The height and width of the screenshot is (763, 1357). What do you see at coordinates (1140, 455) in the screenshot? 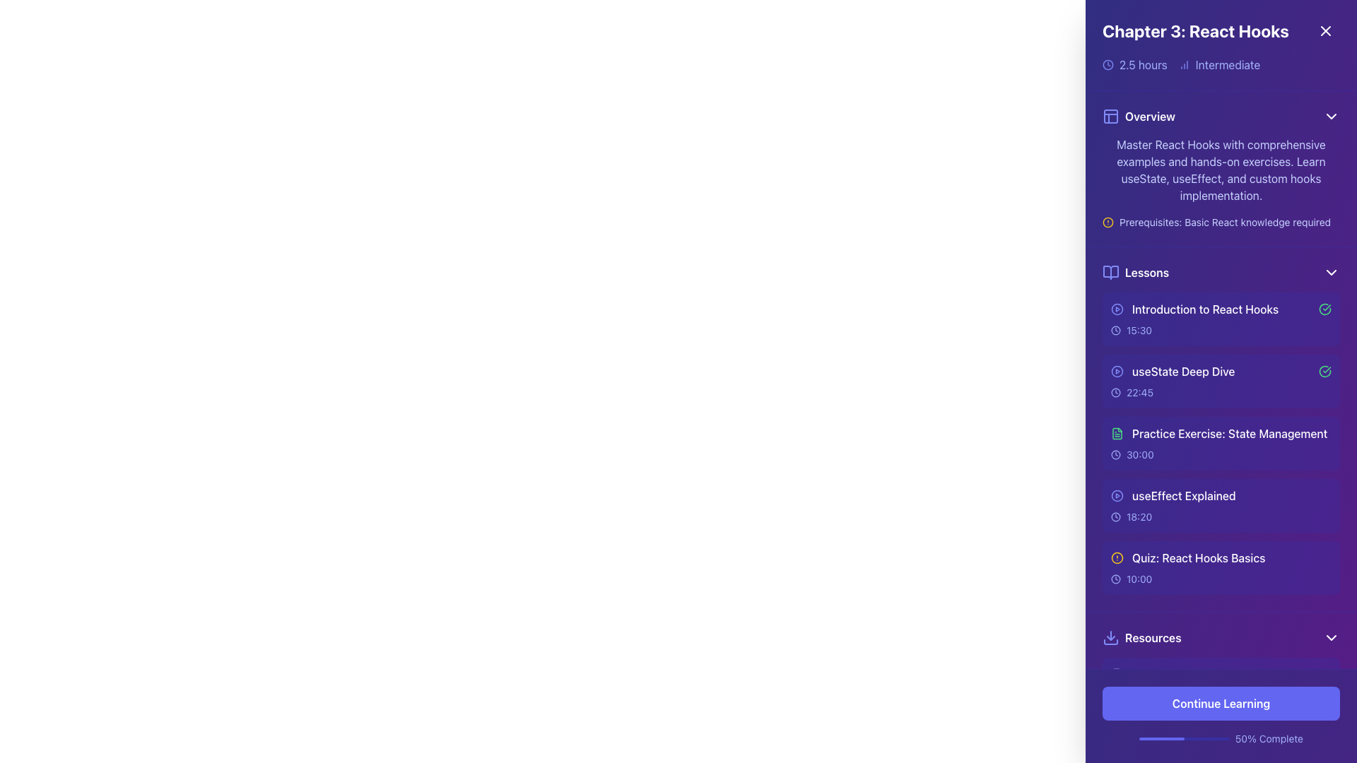
I see `text label indicating the duration of the associated practice exercise in minutes and seconds, located in the fourth row of the 'Lessons' section on the right panel, next to the clock icon and the 'Practice Exercise: State Management' label` at bounding box center [1140, 455].